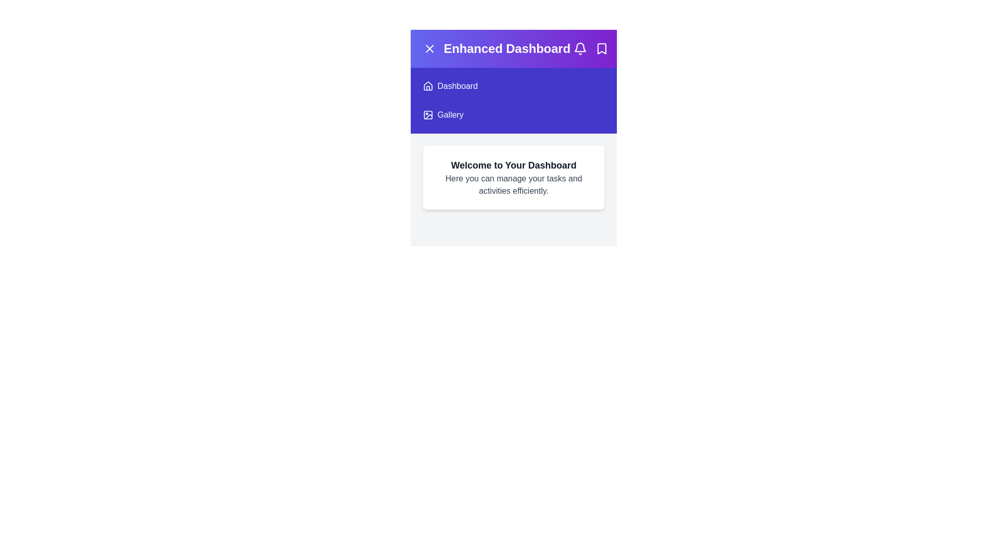 Image resolution: width=987 pixels, height=555 pixels. What do you see at coordinates (580, 49) in the screenshot?
I see `the 'Bell' icon to trigger its functionality` at bounding box center [580, 49].